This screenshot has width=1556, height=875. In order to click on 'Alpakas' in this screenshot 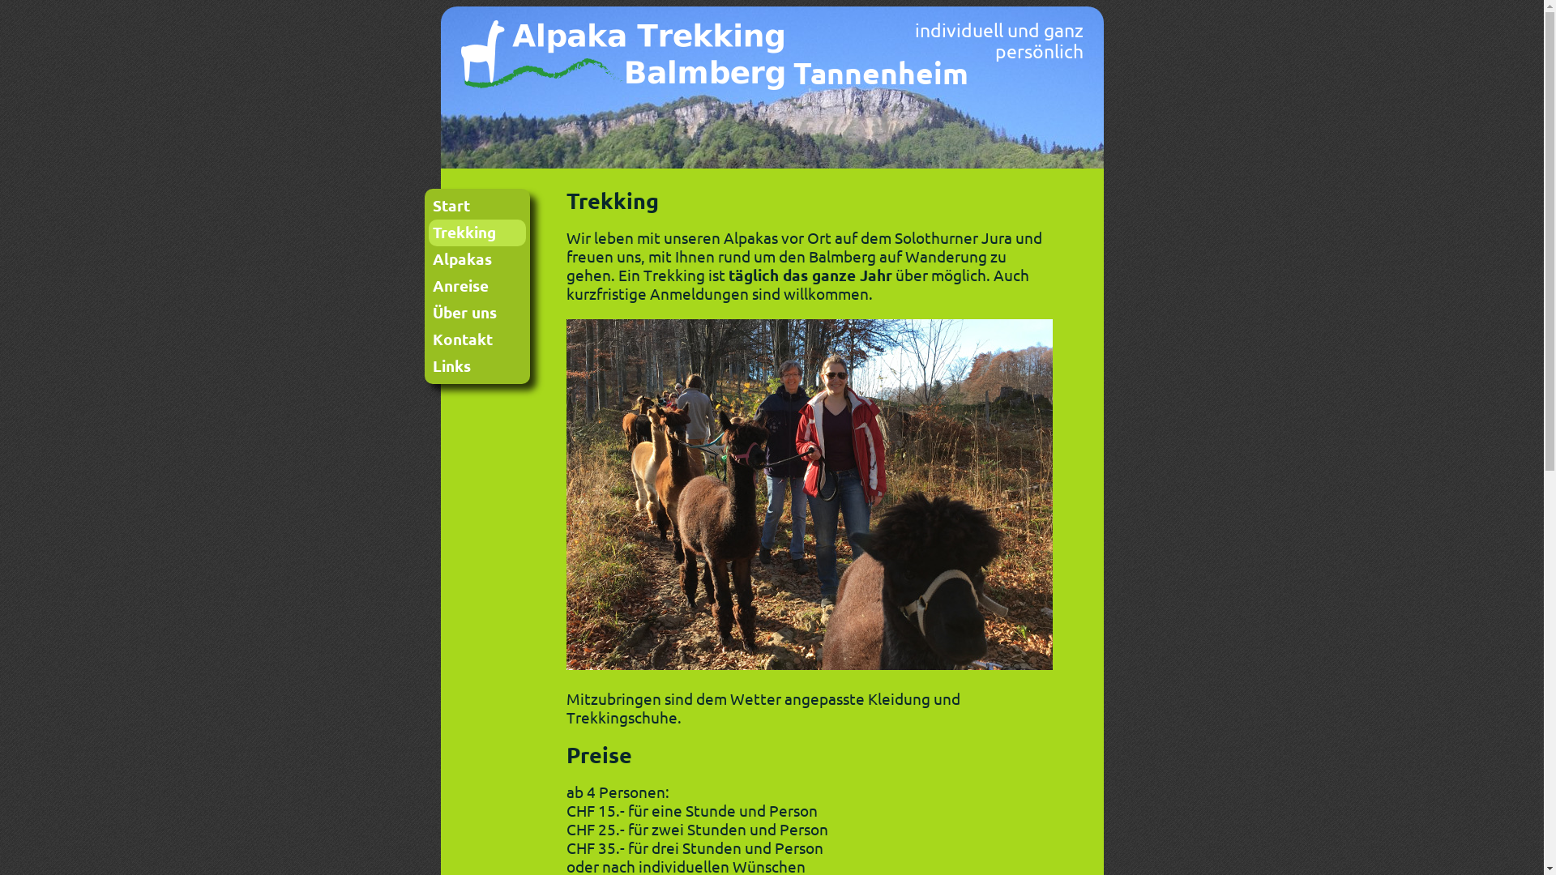, I will do `click(476, 258)`.